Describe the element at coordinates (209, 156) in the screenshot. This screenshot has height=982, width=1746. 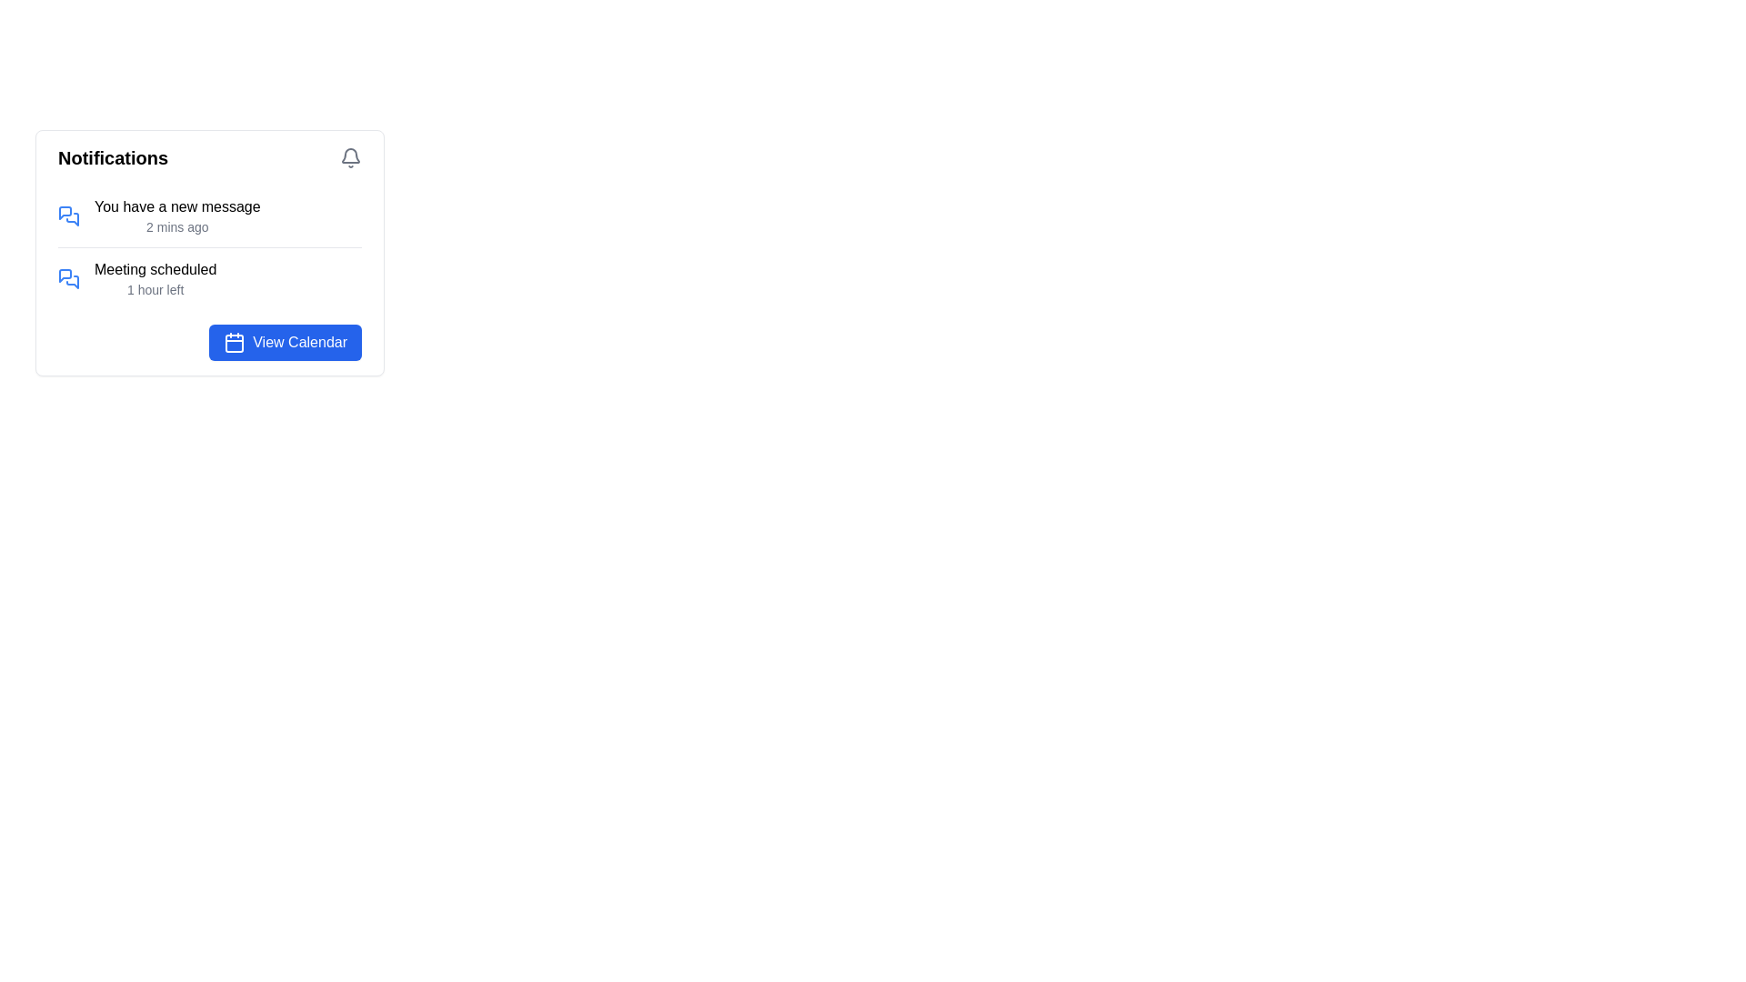
I see `the text content of the 'Notifications' header section, which is a horizontal element at the top of the card interface with bold text on the left and a bell icon on the right` at that location.